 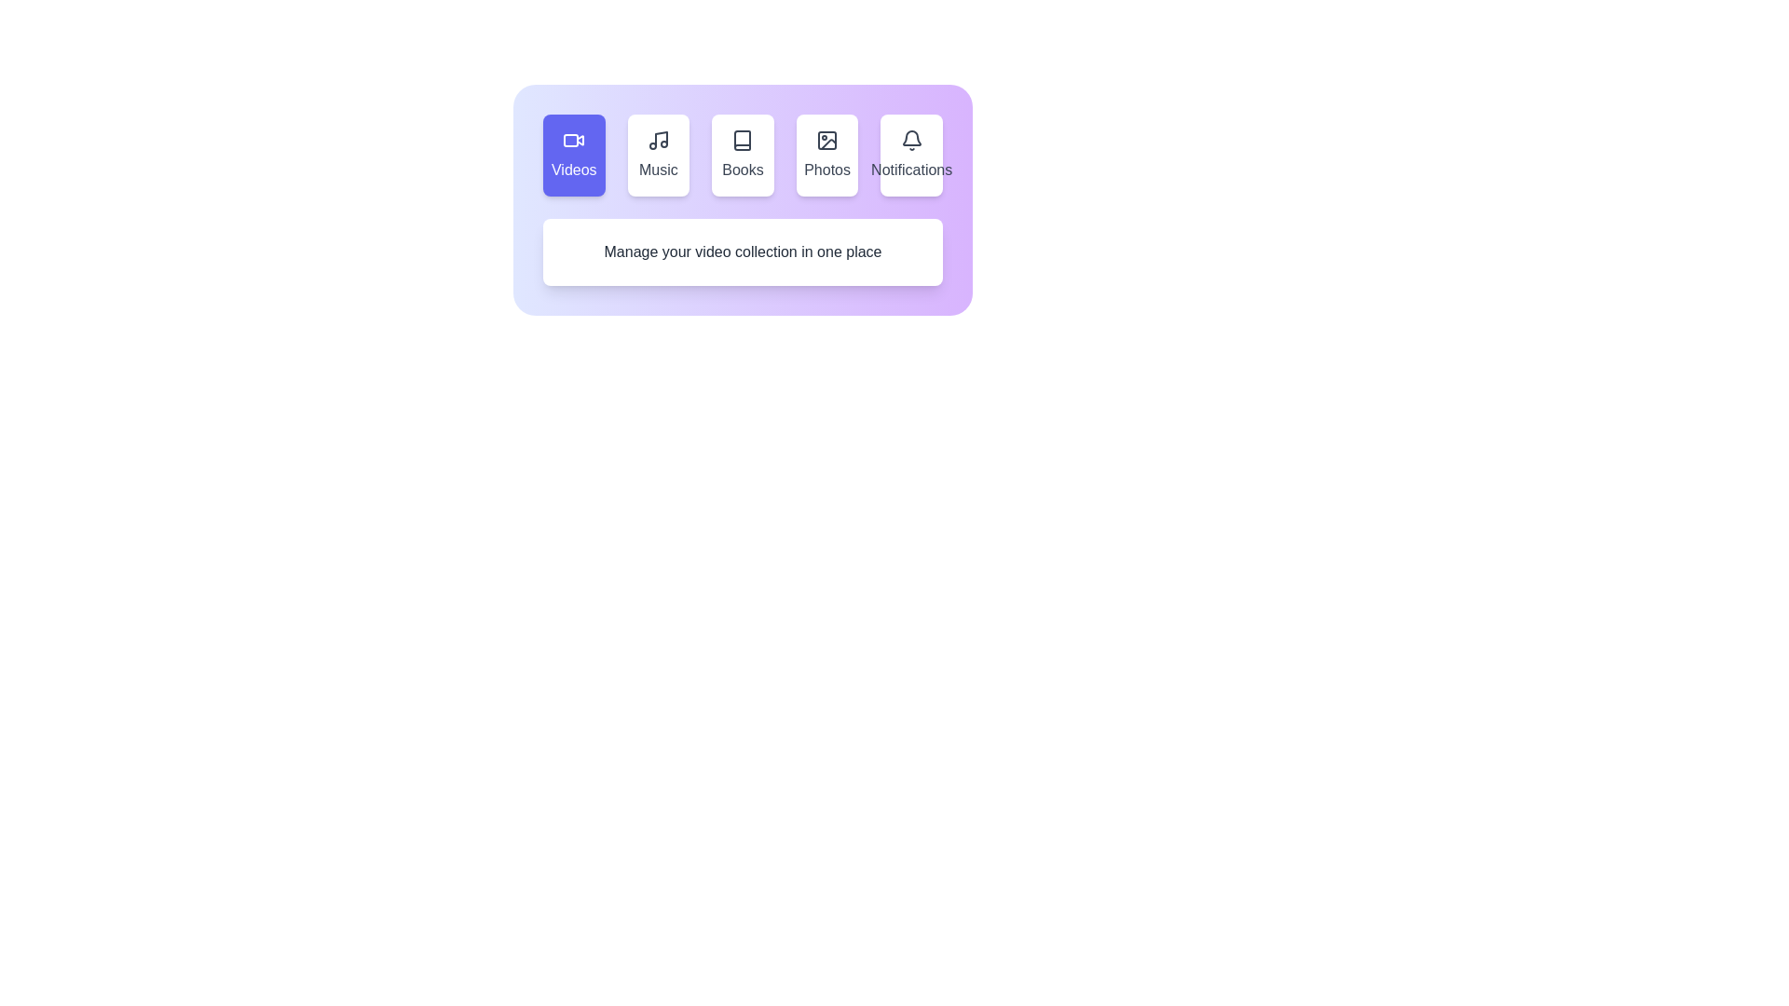 What do you see at coordinates (657, 154) in the screenshot?
I see `the tab labeled Music to switch to it` at bounding box center [657, 154].